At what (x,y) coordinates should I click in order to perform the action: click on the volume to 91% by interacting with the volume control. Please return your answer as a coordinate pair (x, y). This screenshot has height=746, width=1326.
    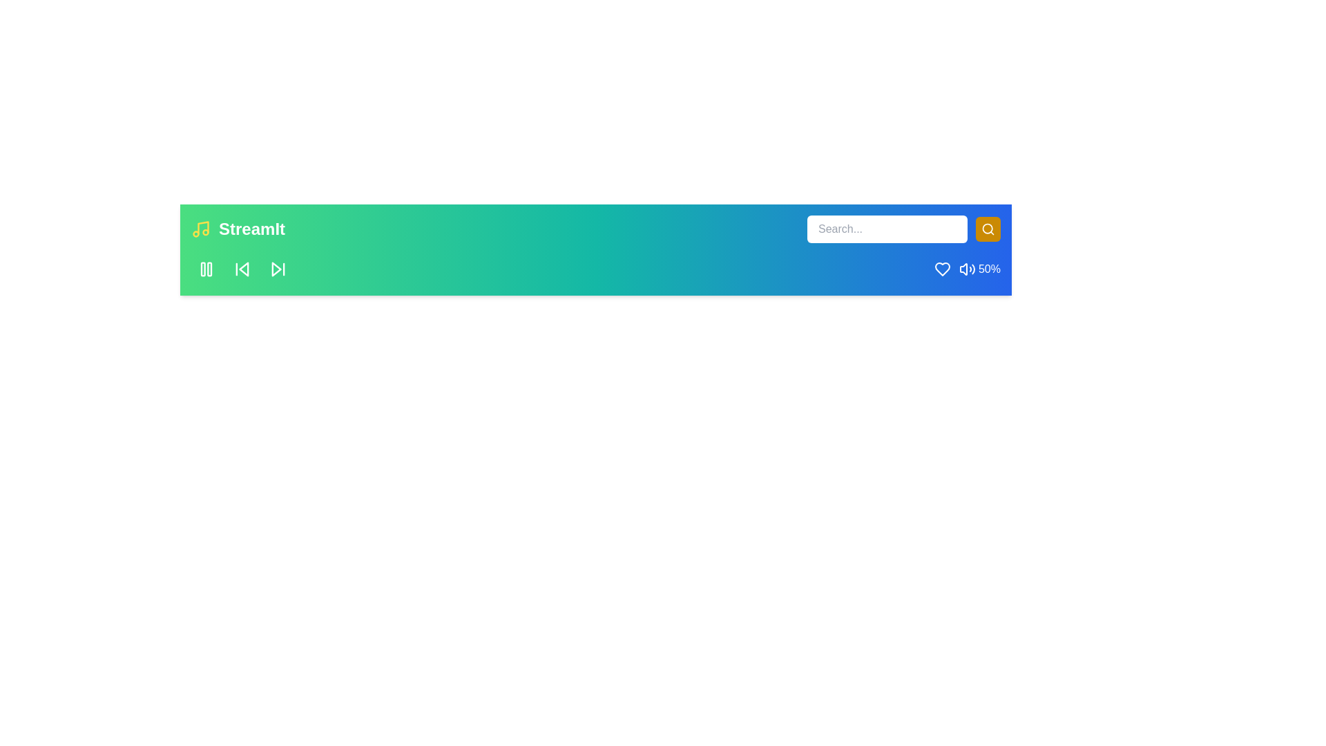
    Looking at the image, I should click on (972, 269).